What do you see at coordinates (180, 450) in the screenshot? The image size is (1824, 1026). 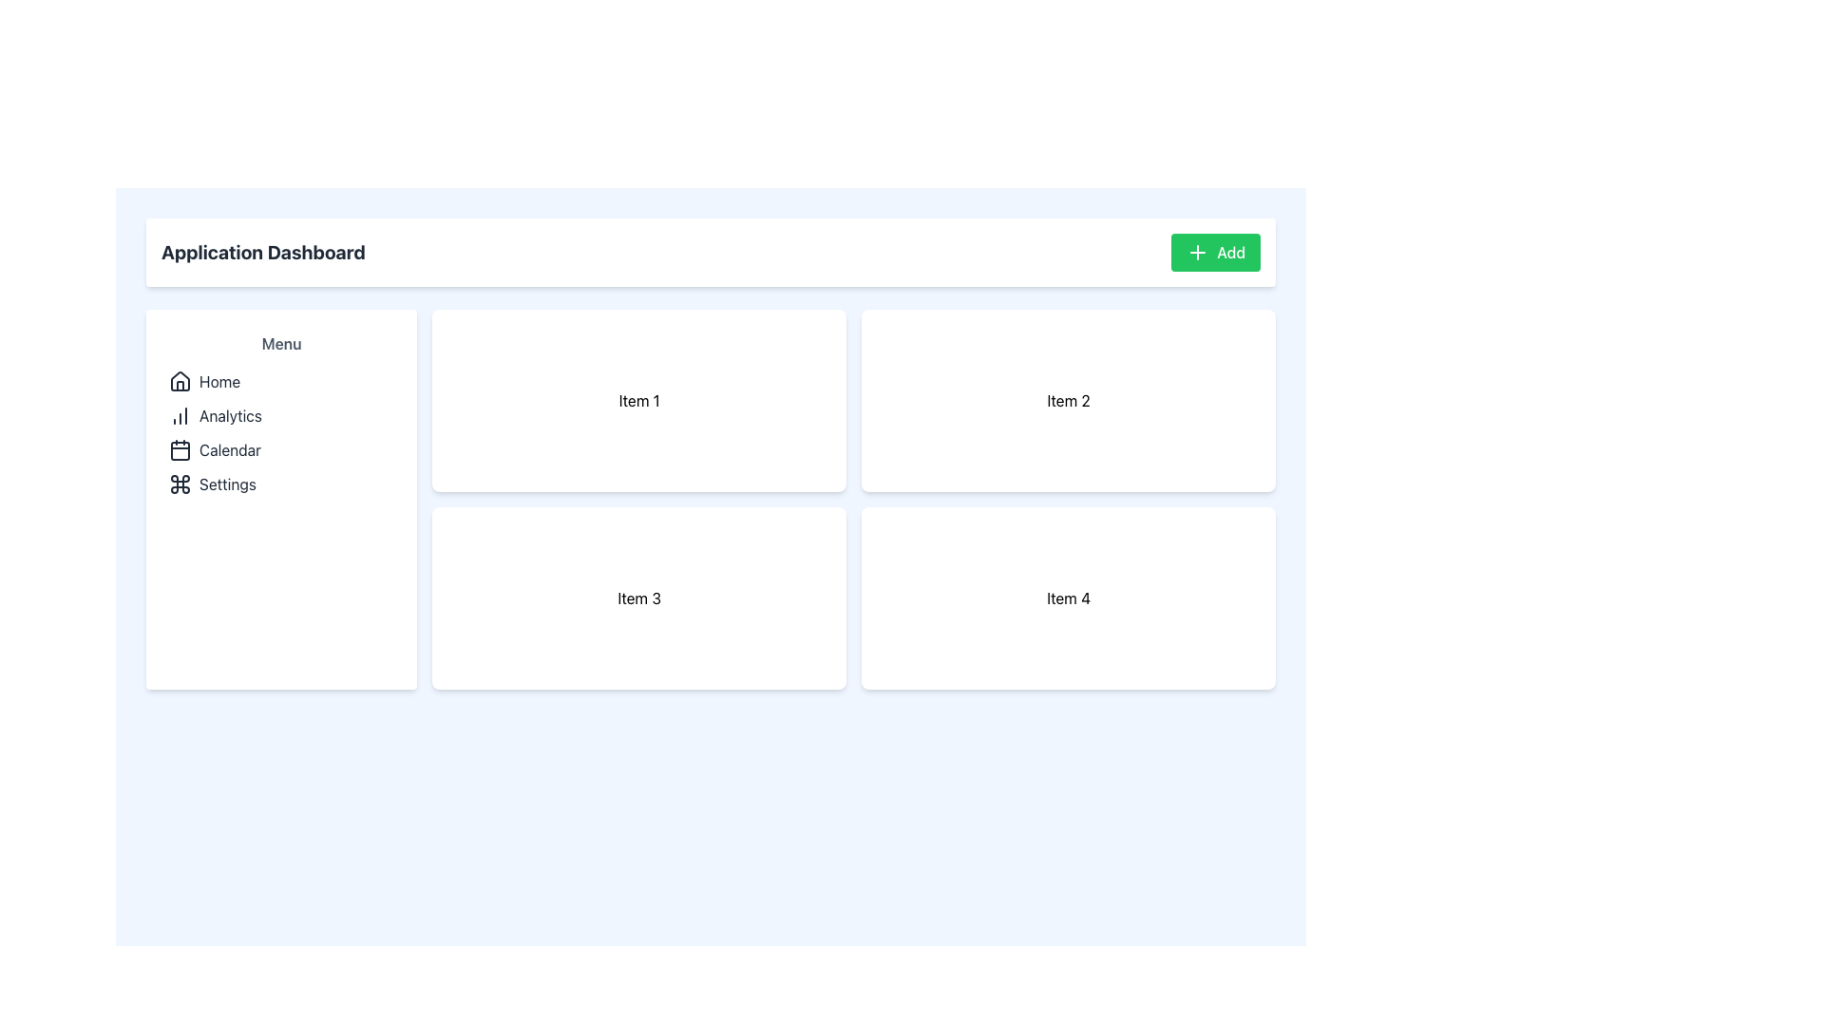 I see `the styling of the 'Calendar' icon located in the sidebar menu, which is the third item in the list, following 'Home' and 'Analytics'` at bounding box center [180, 450].